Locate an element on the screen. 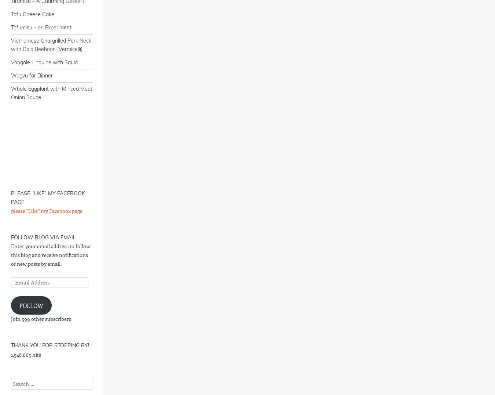 The image size is (495, 395). 'Vietnamese Chargrilled Pork Neck with Cold Beehoon (Vermicelli)' is located at coordinates (51, 44).